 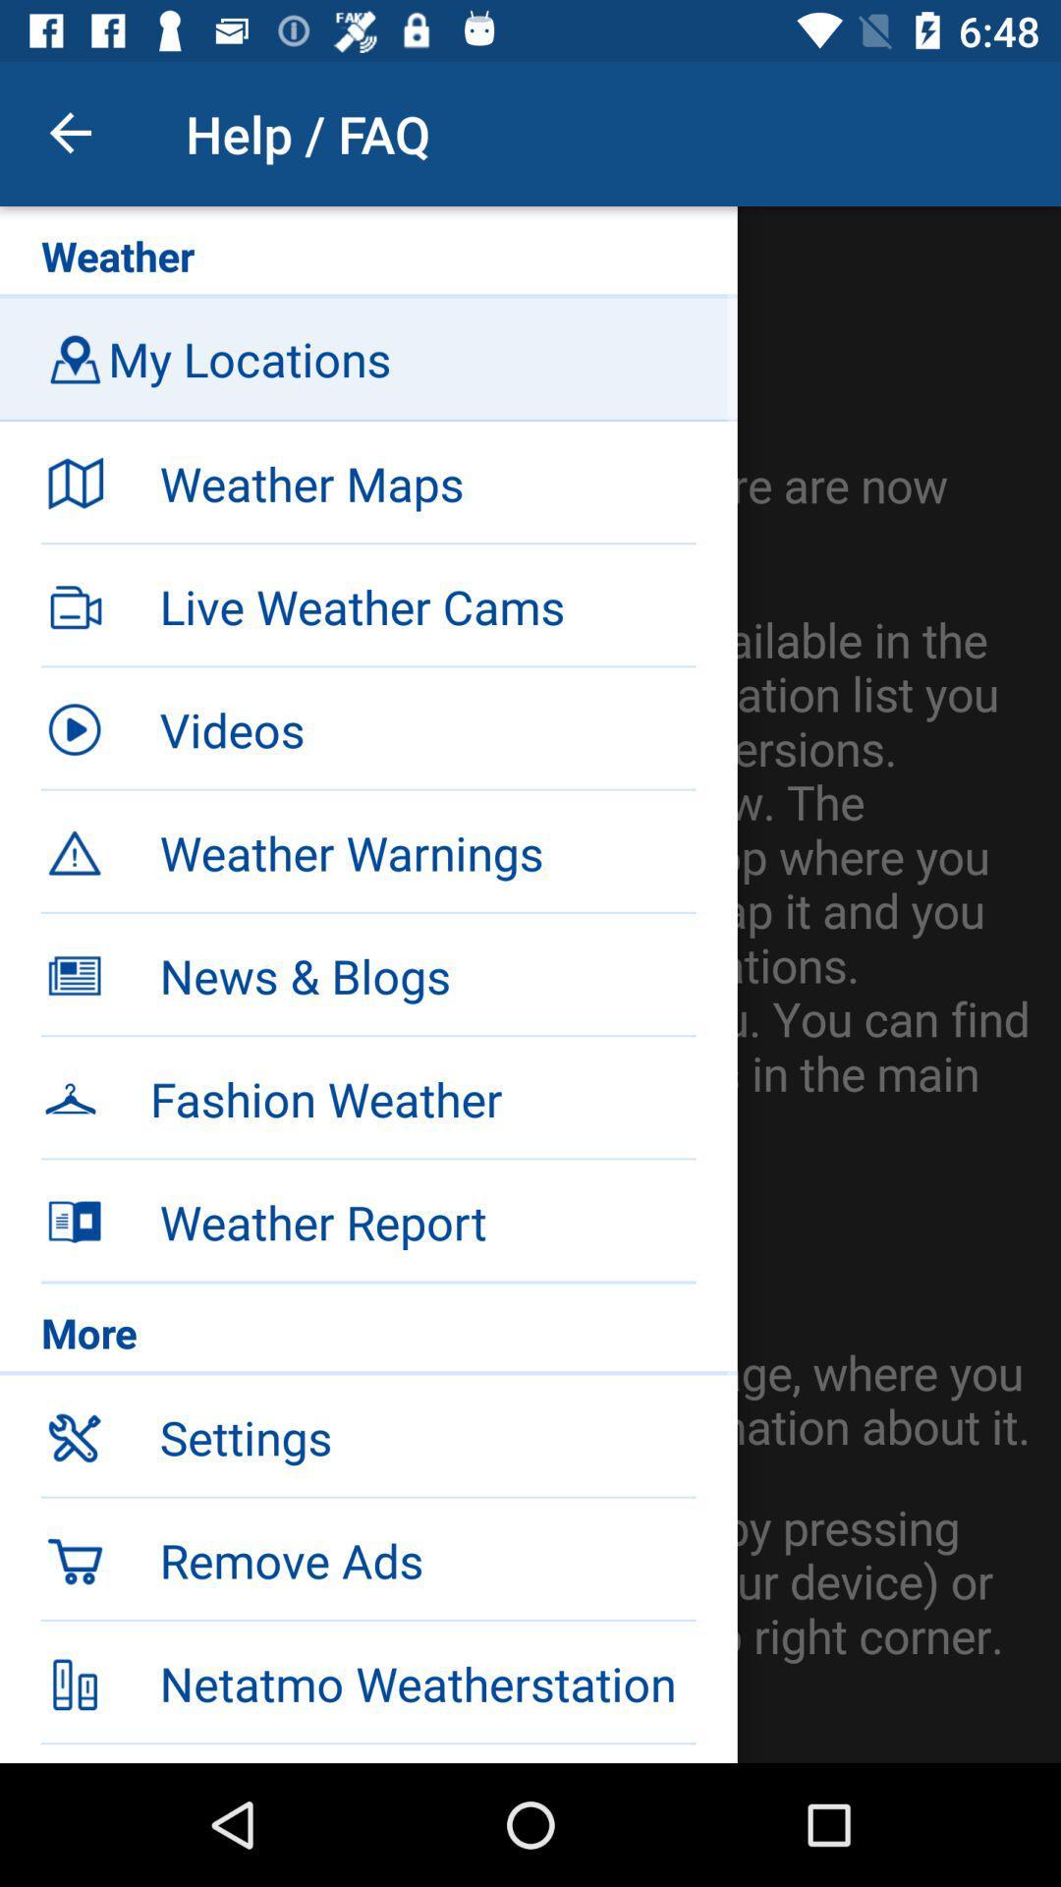 What do you see at coordinates (368, 1095) in the screenshot?
I see `the item below news & blogs icon` at bounding box center [368, 1095].